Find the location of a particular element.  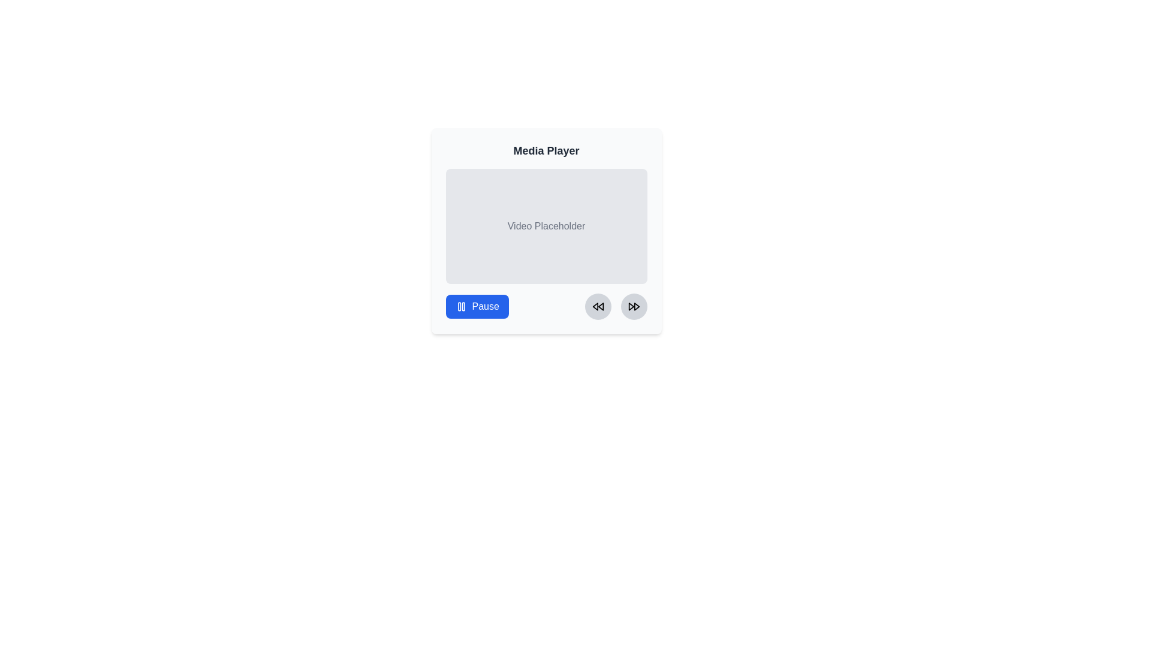

the 'Pause' button is located at coordinates (477, 306).